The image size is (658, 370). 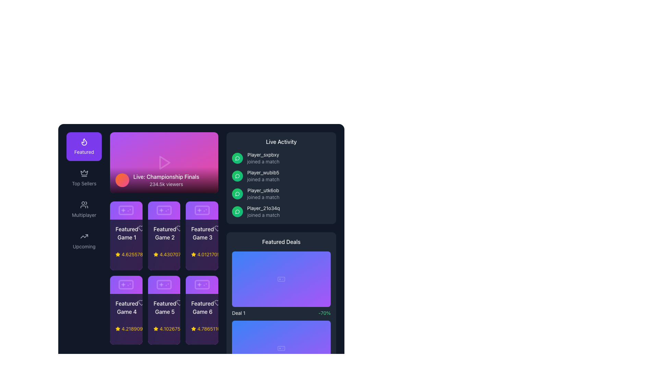 I want to click on the label element that describes the live video title and viewer engagement, which is horizontally centered at the bottom of a highlighted box and placed to the right of a gradient-colored circular icon, so click(x=164, y=180).